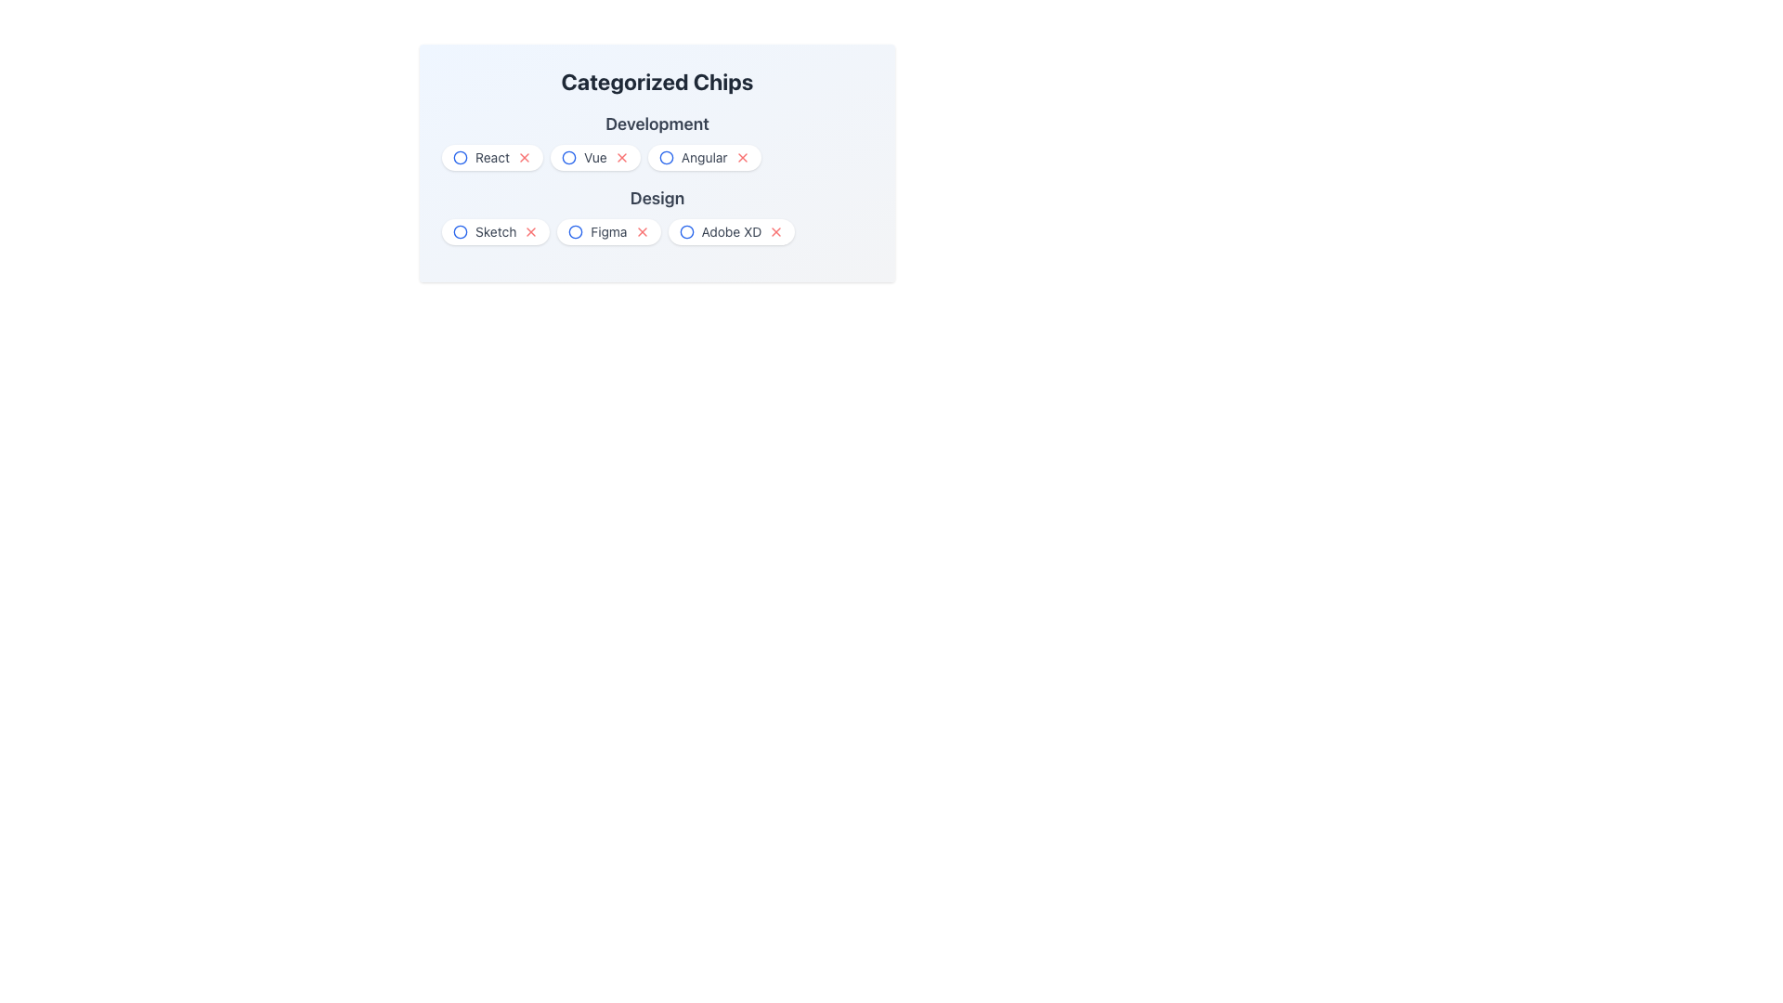 Image resolution: width=1783 pixels, height=1003 pixels. Describe the element at coordinates (460, 156) in the screenshot. I see `the first radio button in the 'Development' section under the 'React' label` at that location.